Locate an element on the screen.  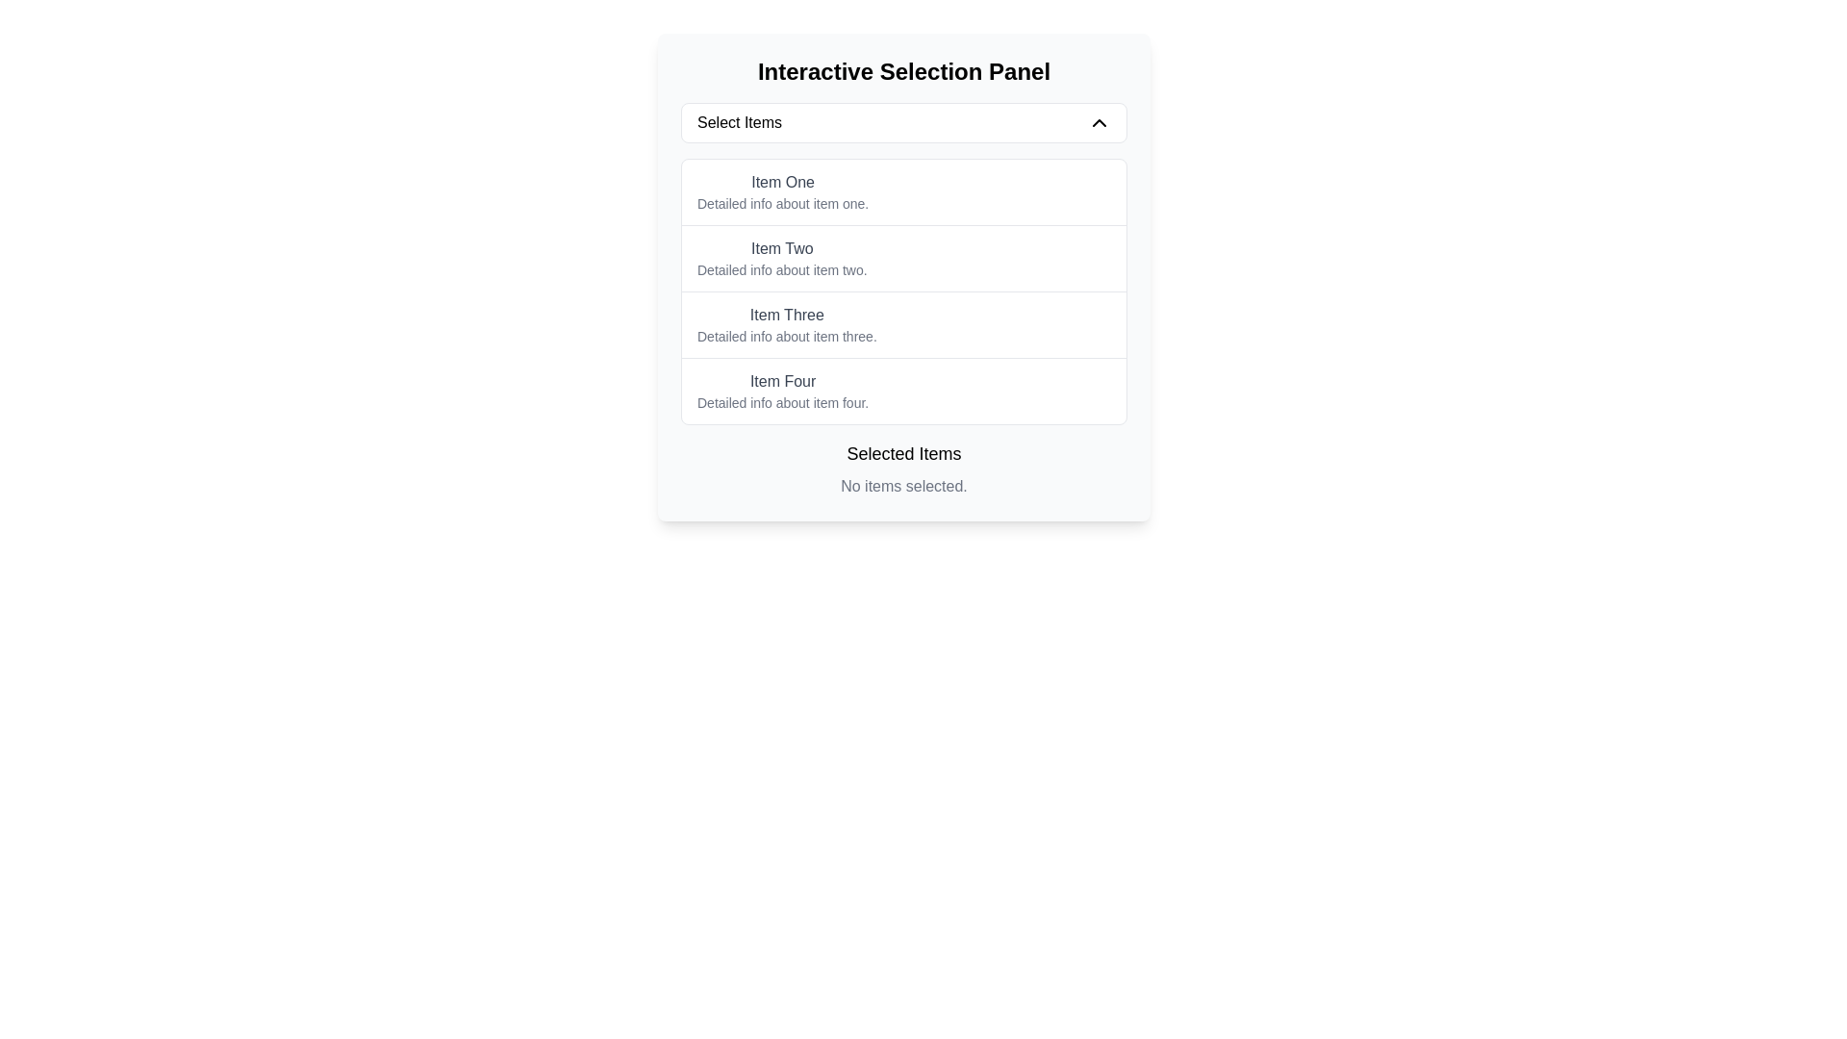
on the fourth row list item labeled 'Item Four' within the 'Interactive Selection Panel' is located at coordinates (903, 390).